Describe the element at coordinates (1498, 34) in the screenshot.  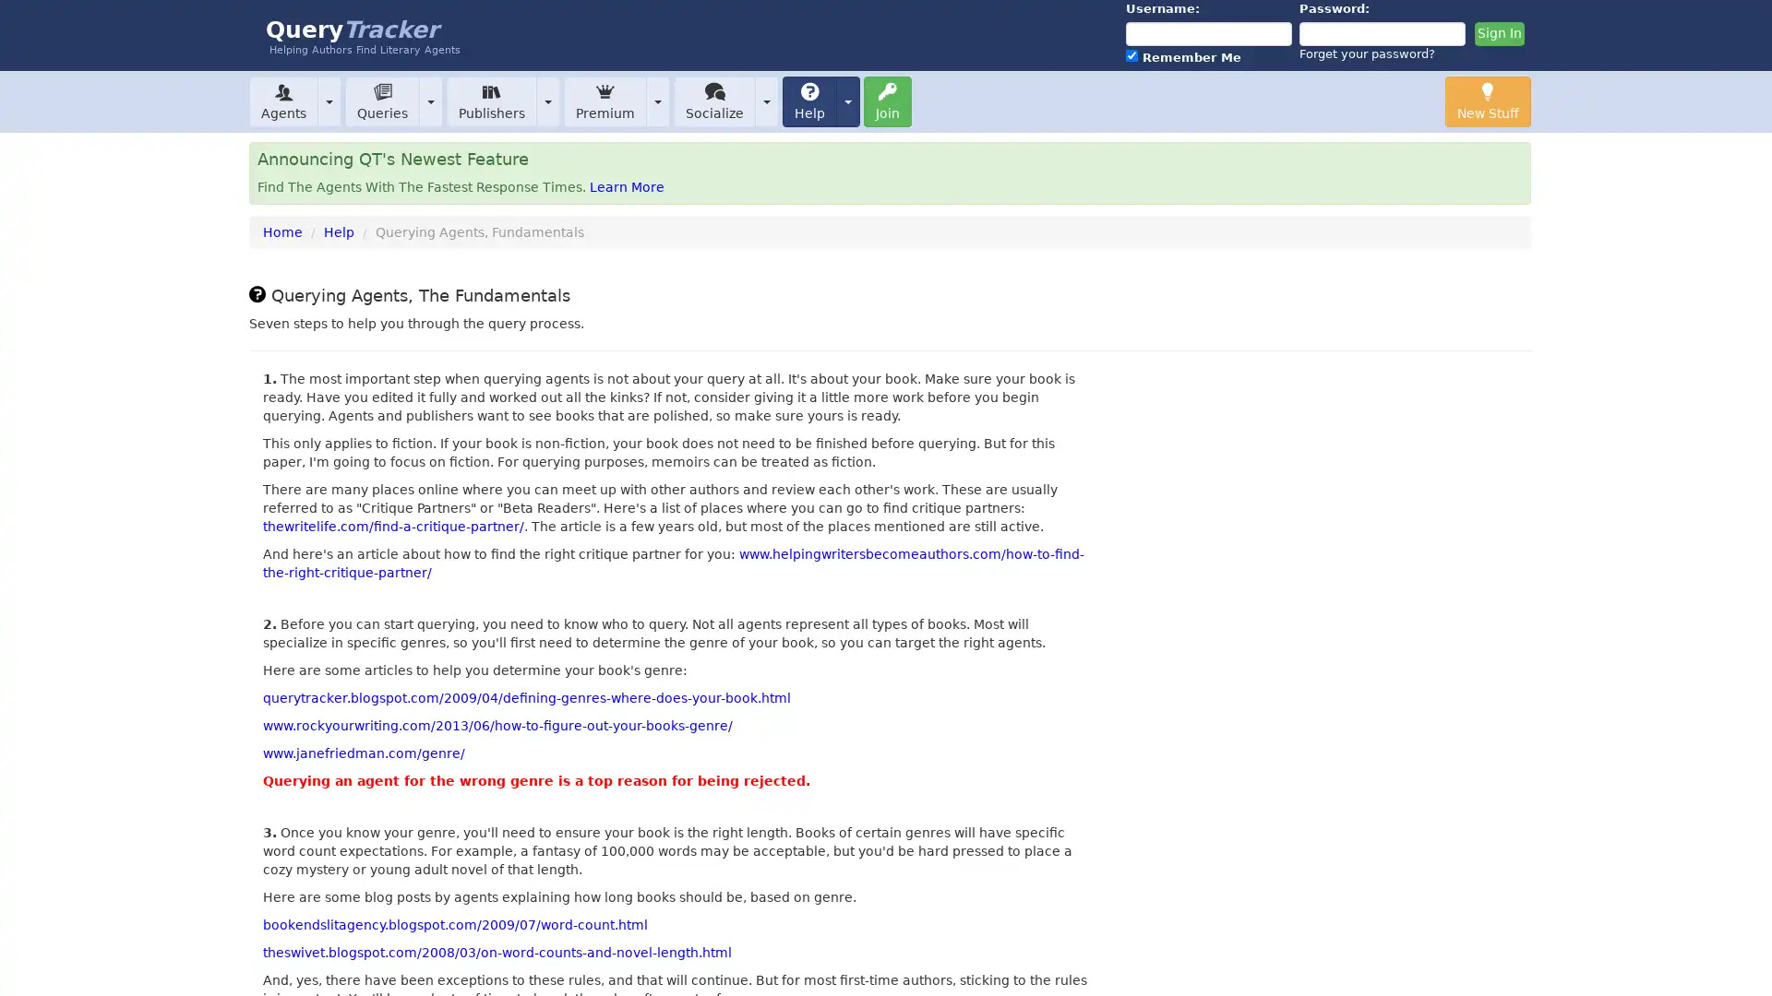
I see `Sign In` at that location.